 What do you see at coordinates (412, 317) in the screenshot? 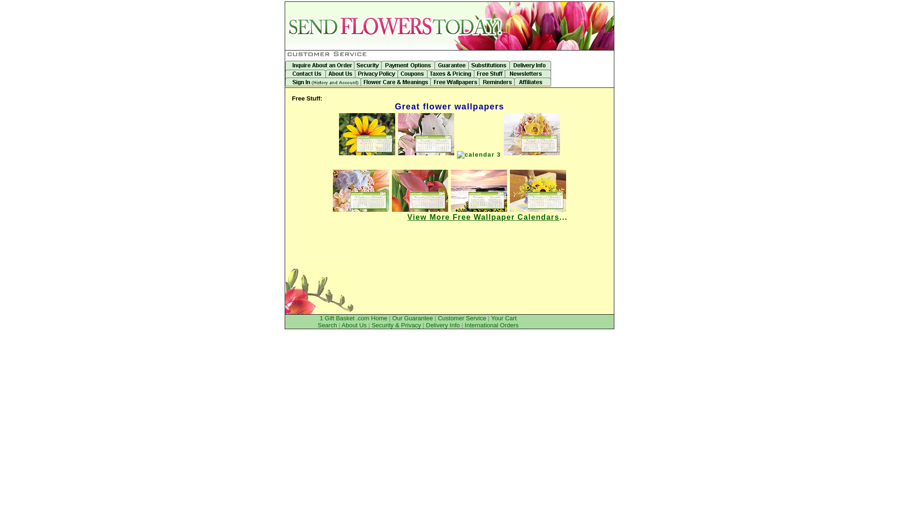
I see `'Our Guarantee'` at bounding box center [412, 317].